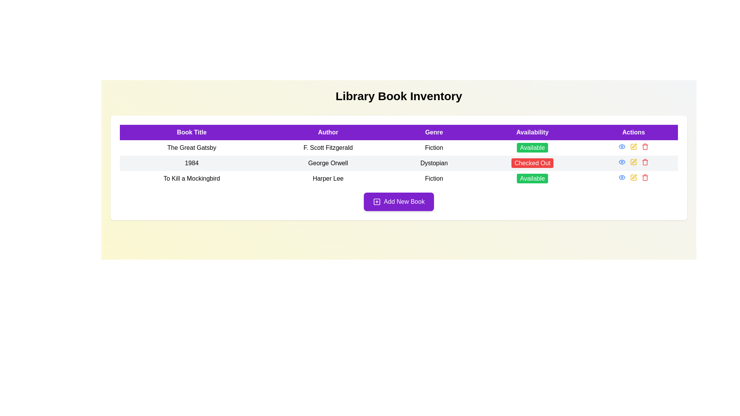 This screenshot has height=416, width=740. What do you see at coordinates (622, 178) in the screenshot?
I see `the eye icon in the Actions column for the book entry '1984' in the Library Book Inventory table` at bounding box center [622, 178].